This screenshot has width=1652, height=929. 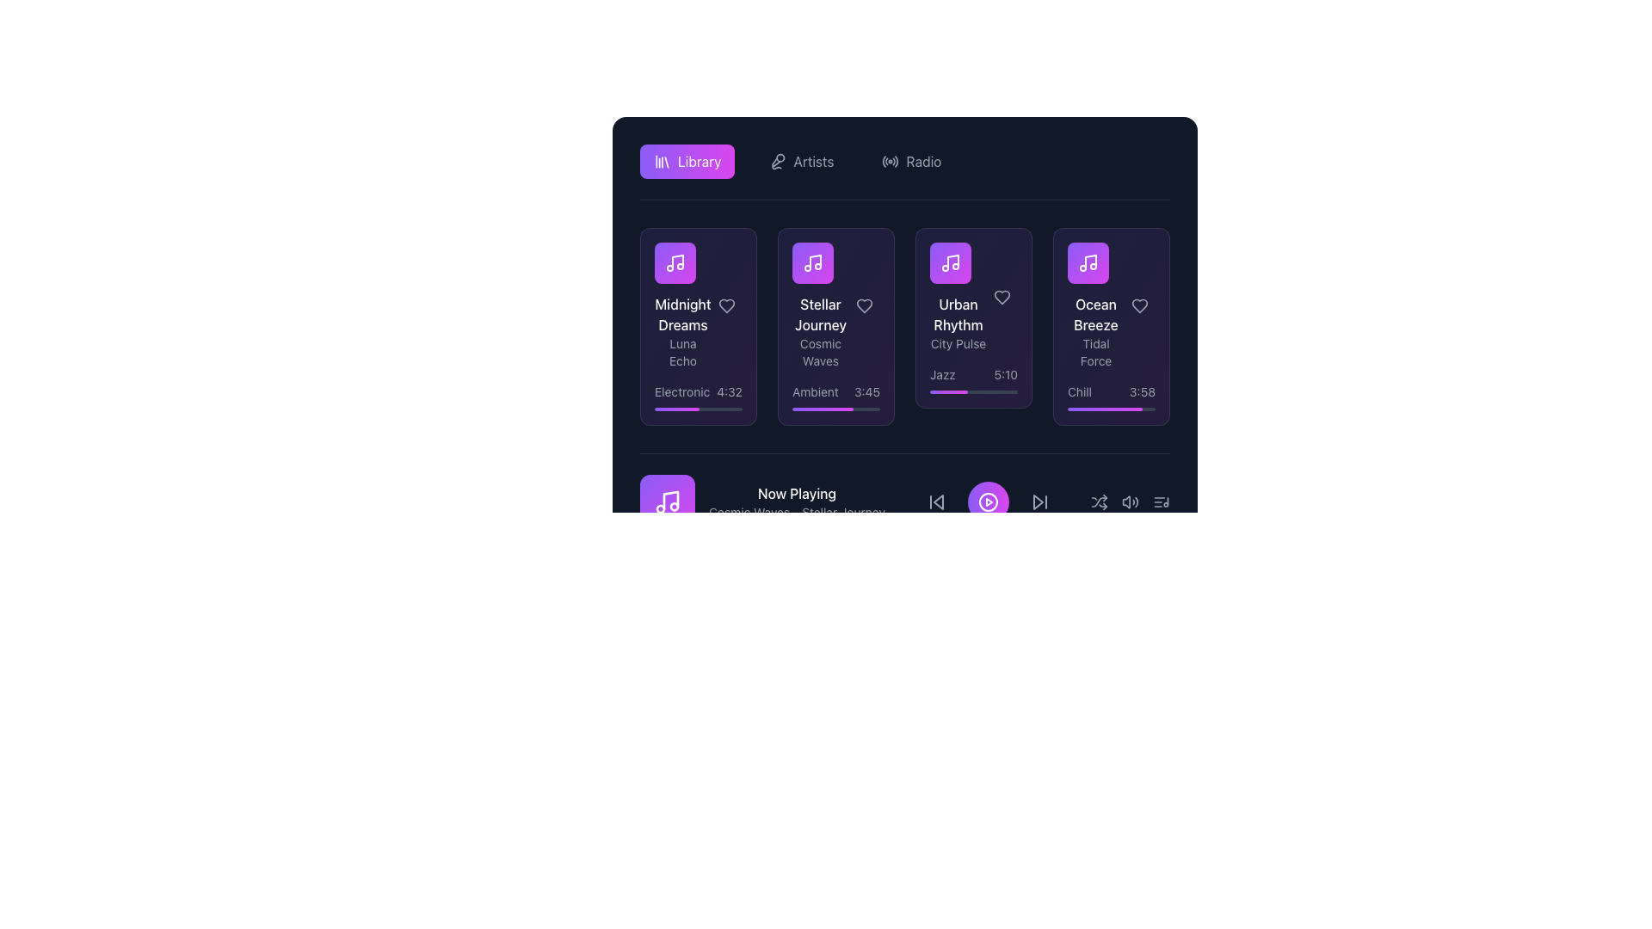 I want to click on text content of the label displaying 'Electronic' in light-gray font within the dark-themed music library interface, so click(x=681, y=391).